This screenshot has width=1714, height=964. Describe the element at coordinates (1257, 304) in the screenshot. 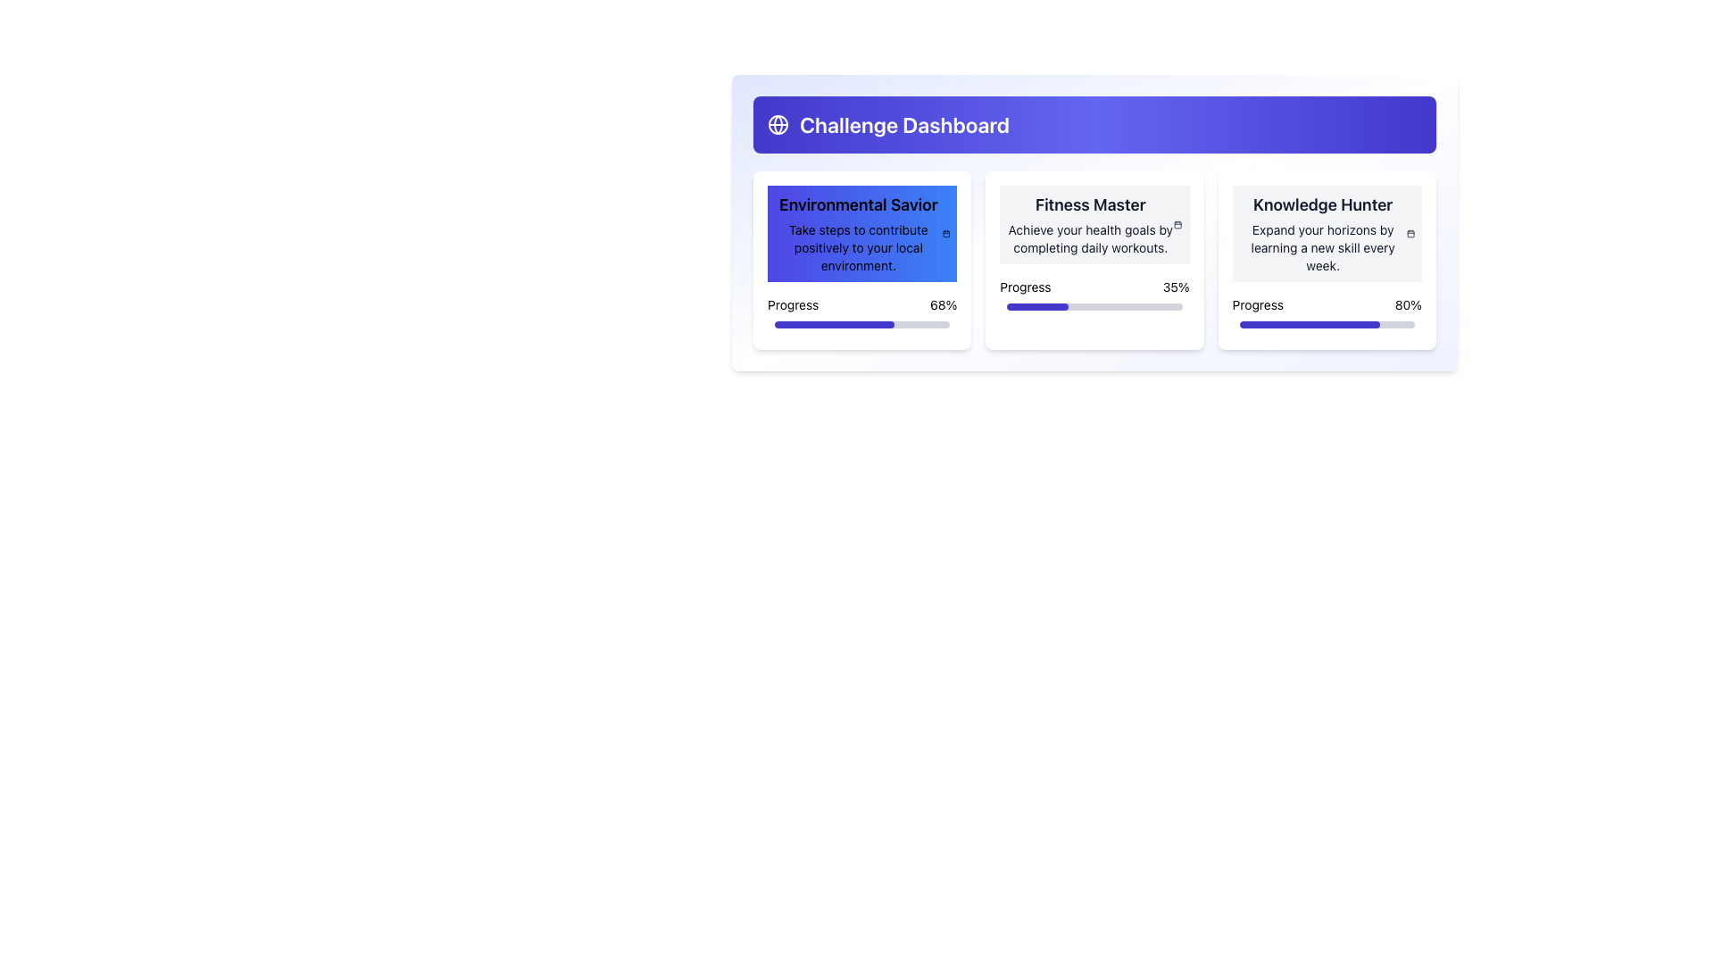

I see `the static text label that describes the progress information, located in the bottom section of the rightmost card, to the left of the percentage '80%' and above the progress bar` at that location.